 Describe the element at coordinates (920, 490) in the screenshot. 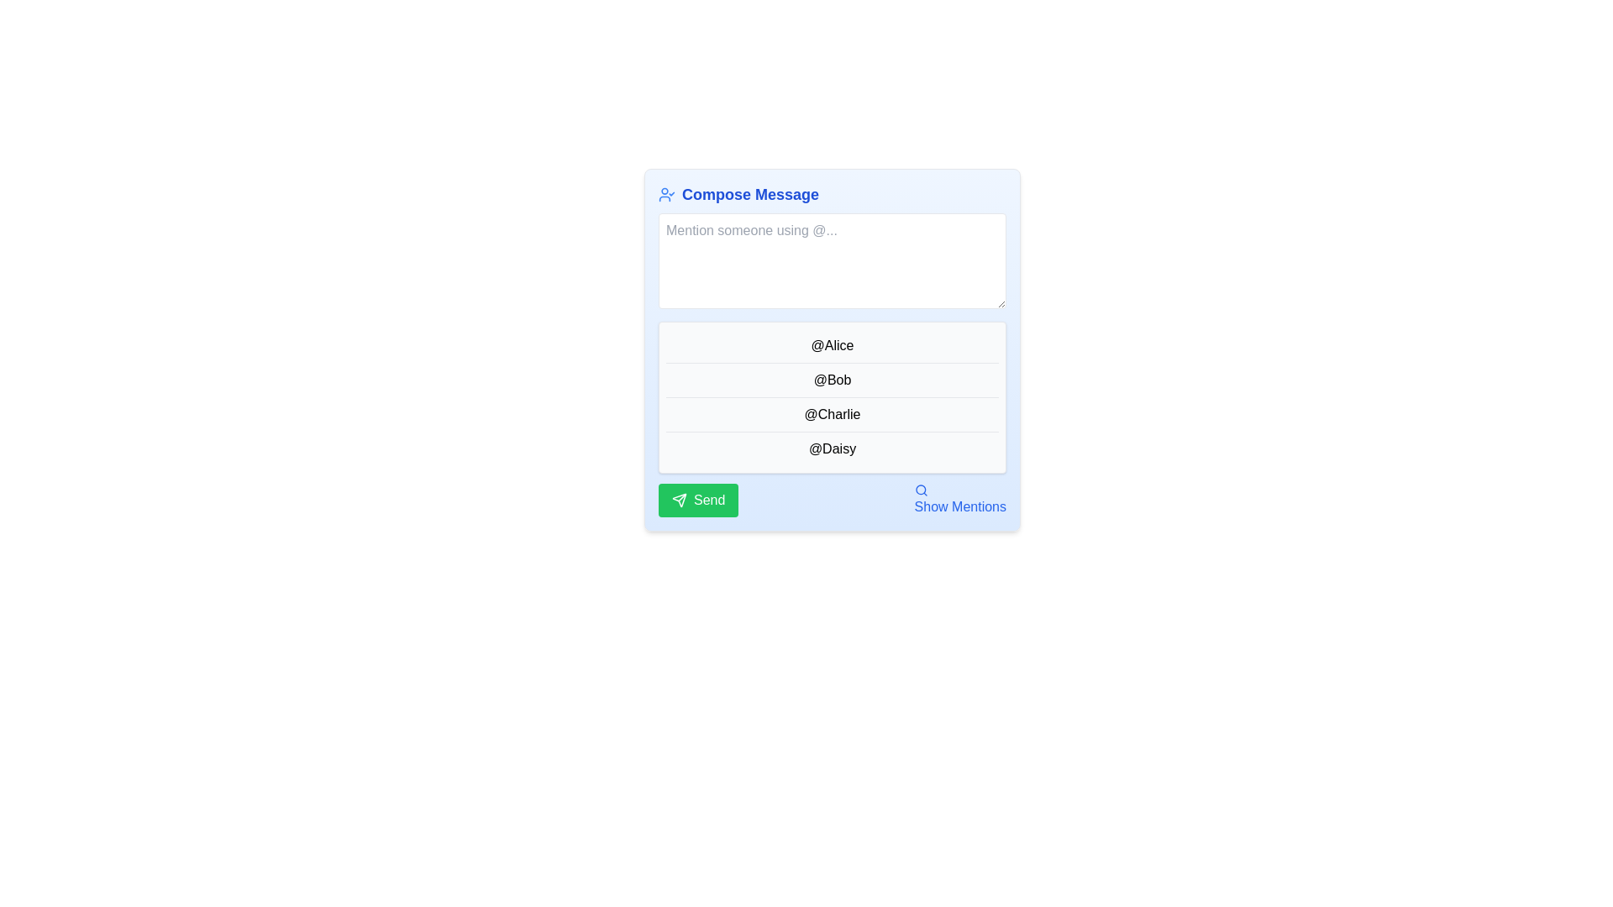

I see `the small magnifying glass icon, which has a blue outline and is located to the left of the 'Show Mentions' text at the bottom-right corner of the interface` at that location.